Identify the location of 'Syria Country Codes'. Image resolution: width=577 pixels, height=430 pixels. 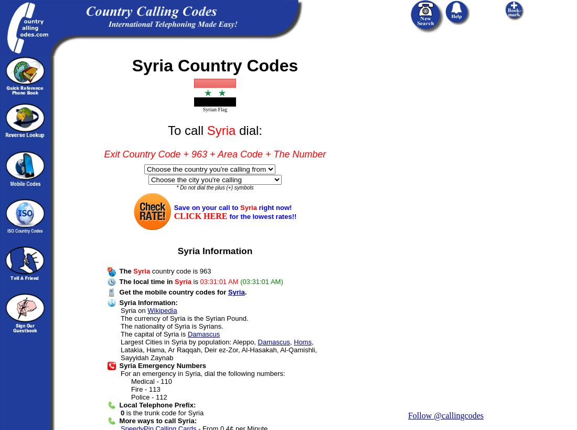
(215, 65).